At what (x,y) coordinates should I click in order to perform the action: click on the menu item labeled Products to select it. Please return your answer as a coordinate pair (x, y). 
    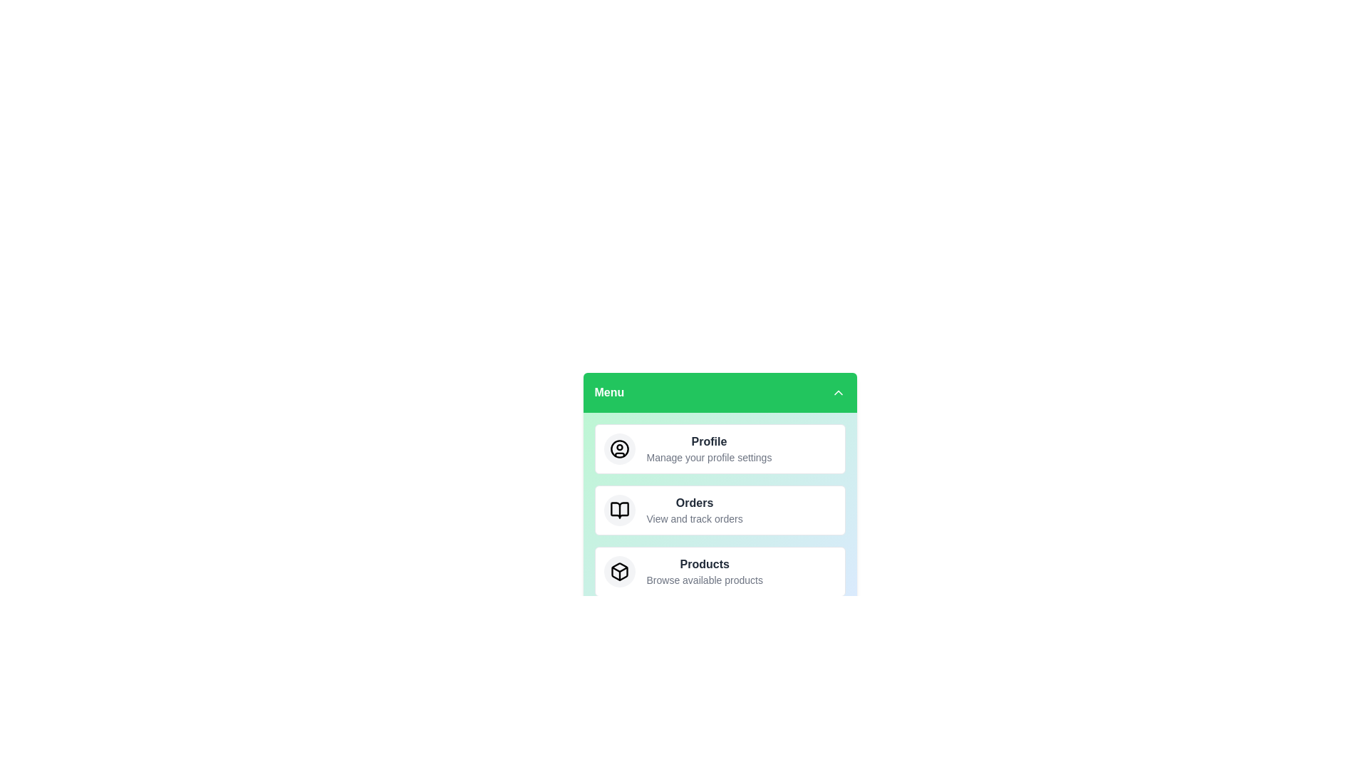
    Looking at the image, I should click on (720, 571).